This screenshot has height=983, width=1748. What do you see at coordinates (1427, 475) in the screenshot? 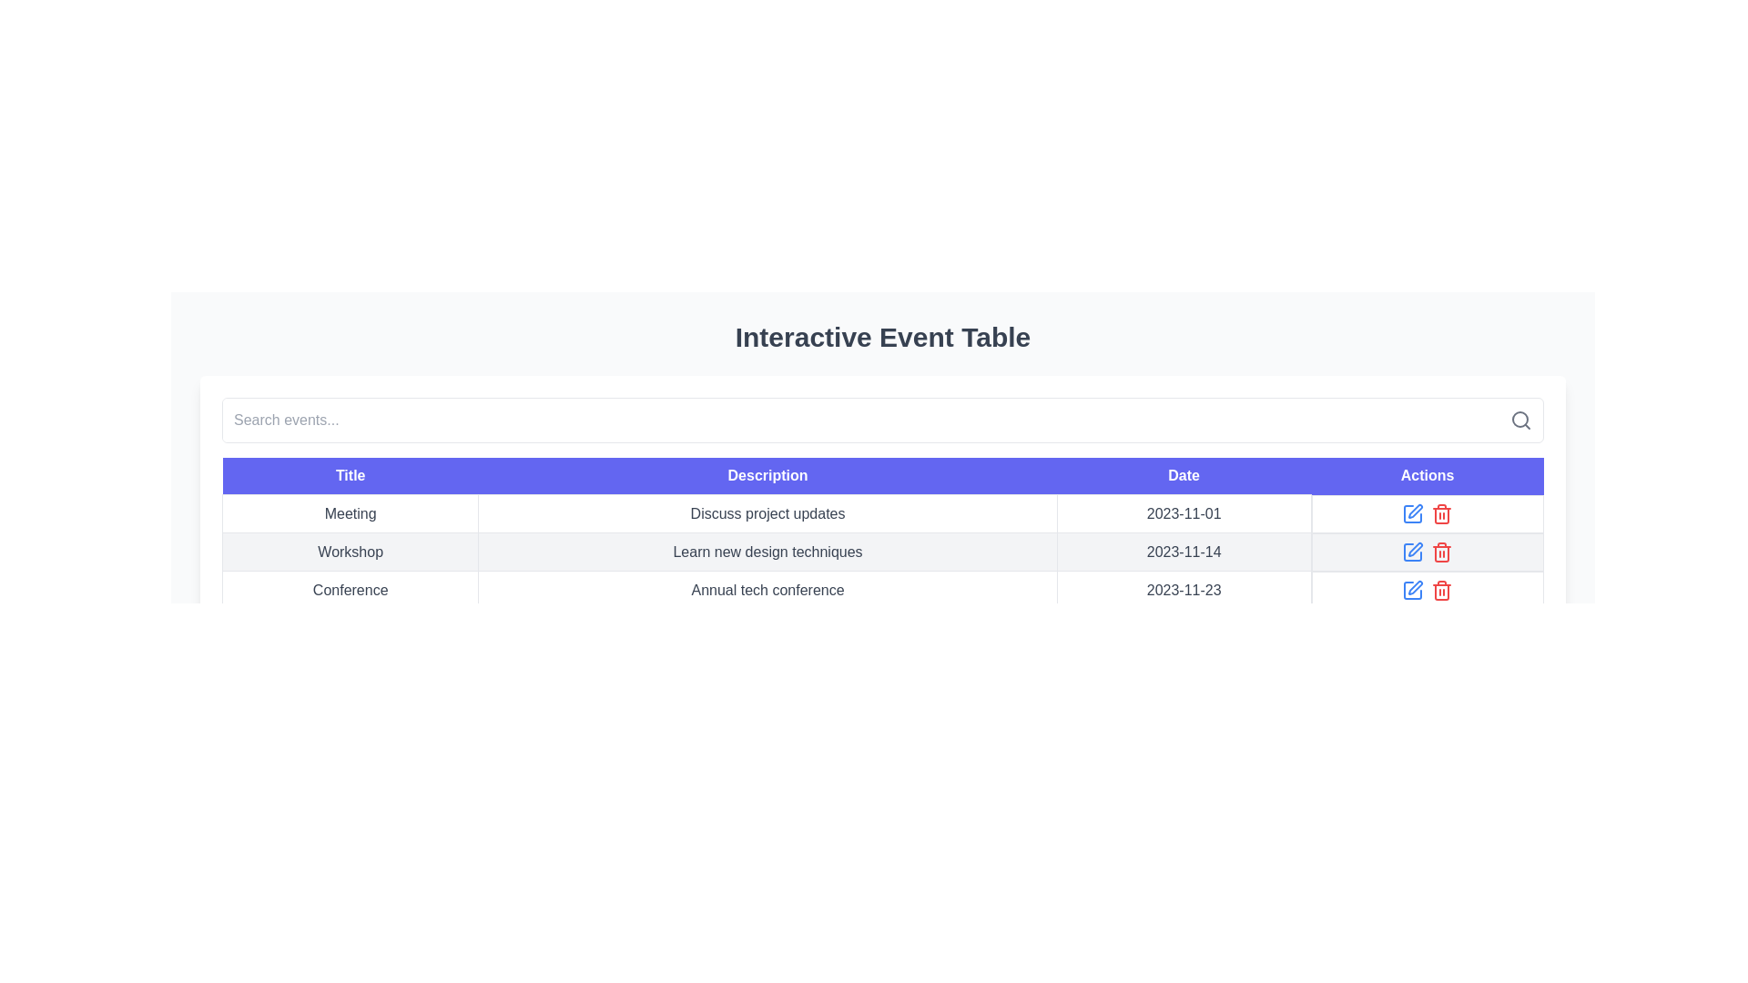
I see `the text header labeled 'Actions', which has a purple background and white text, located as the last header in a row of table headers` at bounding box center [1427, 475].